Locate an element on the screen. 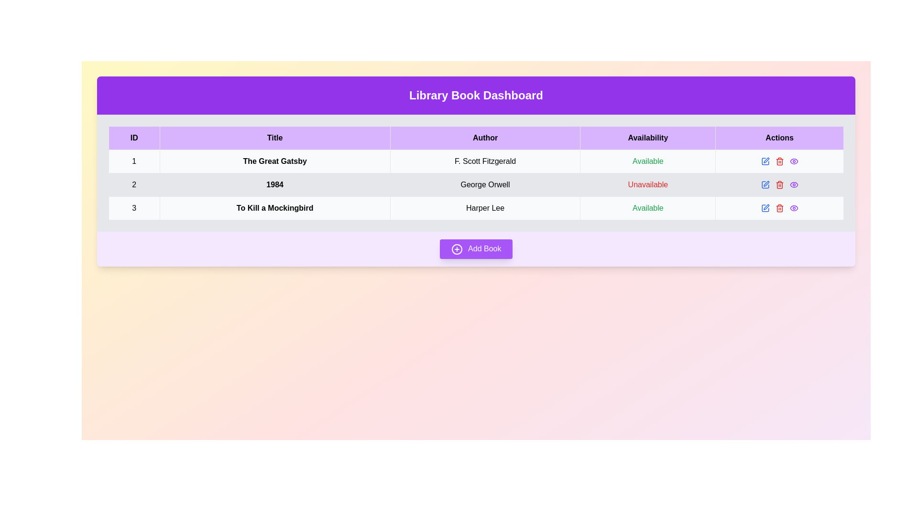 This screenshot has height=516, width=918. the text display element showing 'Harper Lee' in the 'Author' column of the book information table, which is centered within its cell and styled in a readable font is located at coordinates (485, 207).